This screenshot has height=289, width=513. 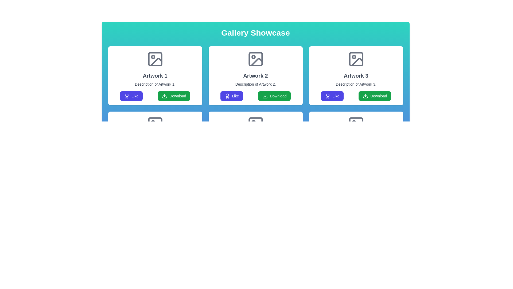 I want to click on text from the Text Label that serves as the title for the artwork displayed in the gallery interface, located at the upper-center area of the card layout, so click(x=155, y=75).